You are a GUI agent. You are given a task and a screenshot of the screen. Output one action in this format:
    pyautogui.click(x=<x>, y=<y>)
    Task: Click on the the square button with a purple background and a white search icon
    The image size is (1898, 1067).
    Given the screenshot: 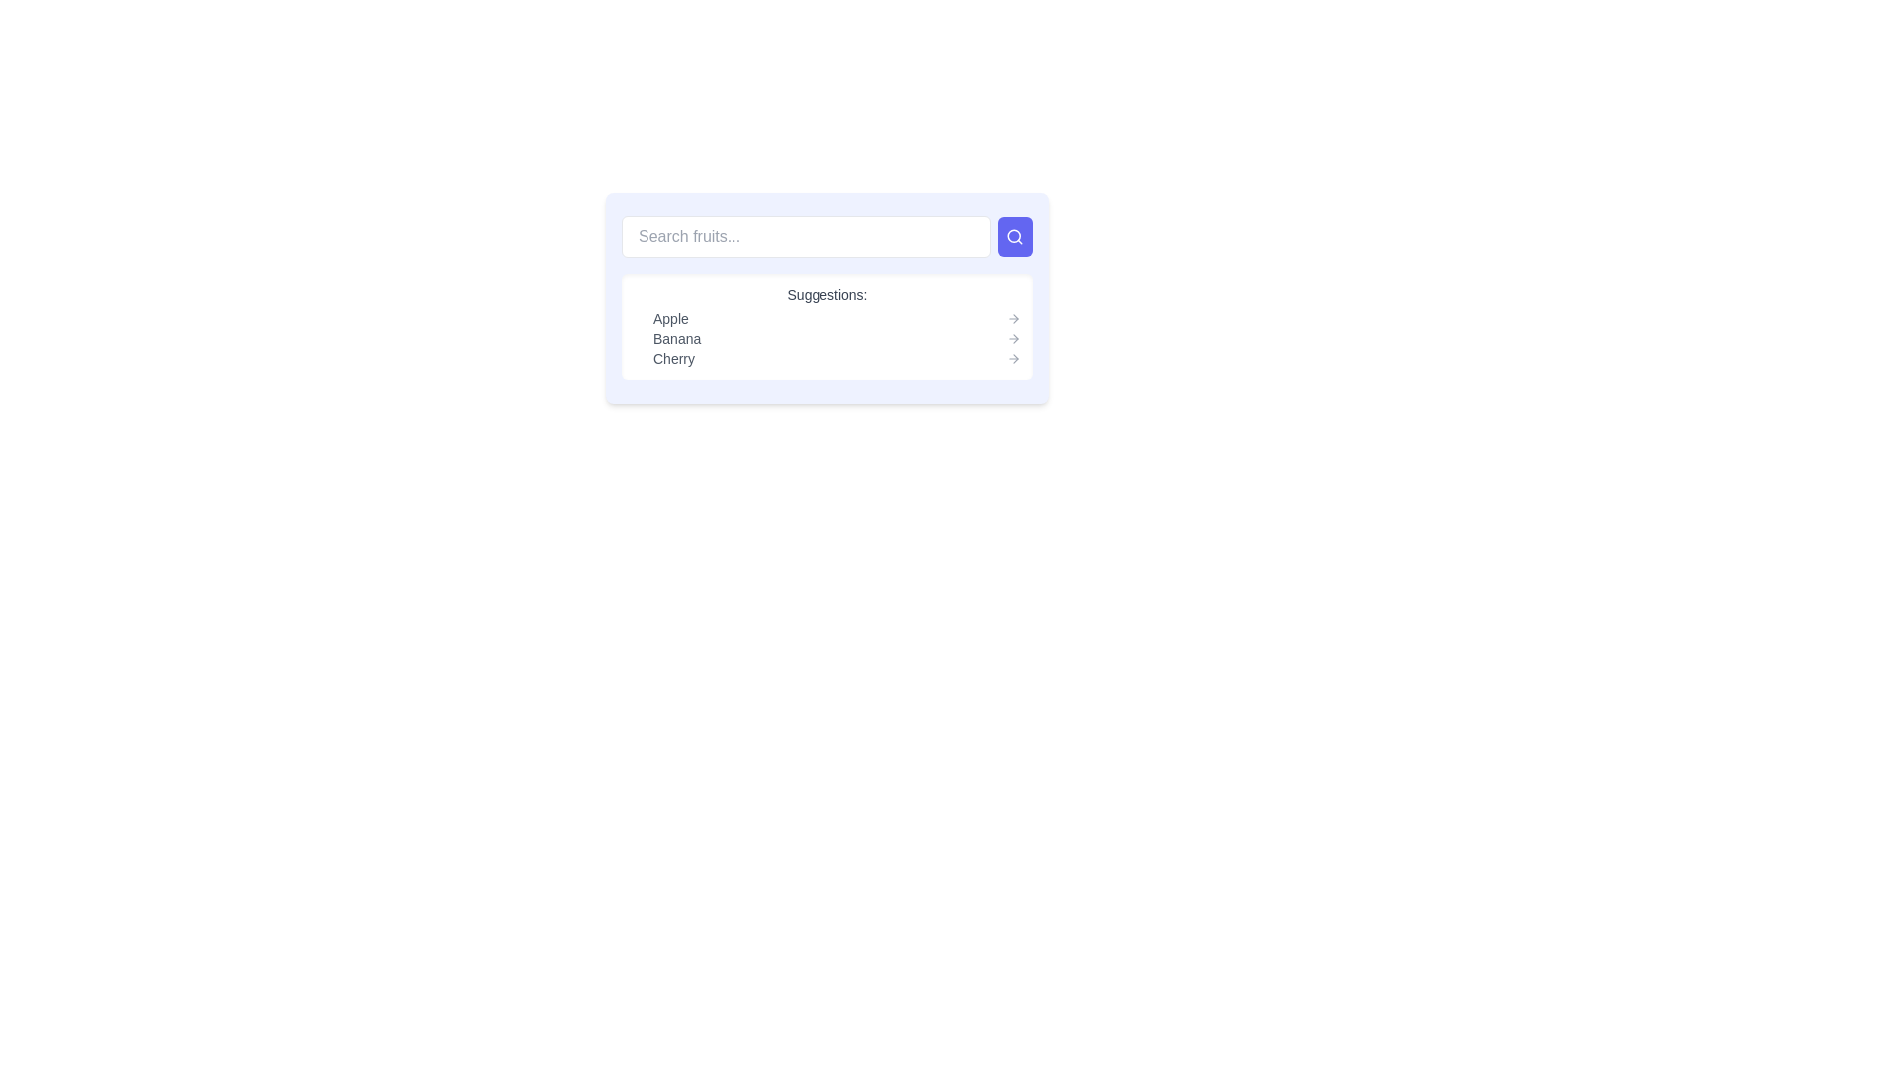 What is the action you would take?
    pyautogui.click(x=1015, y=235)
    